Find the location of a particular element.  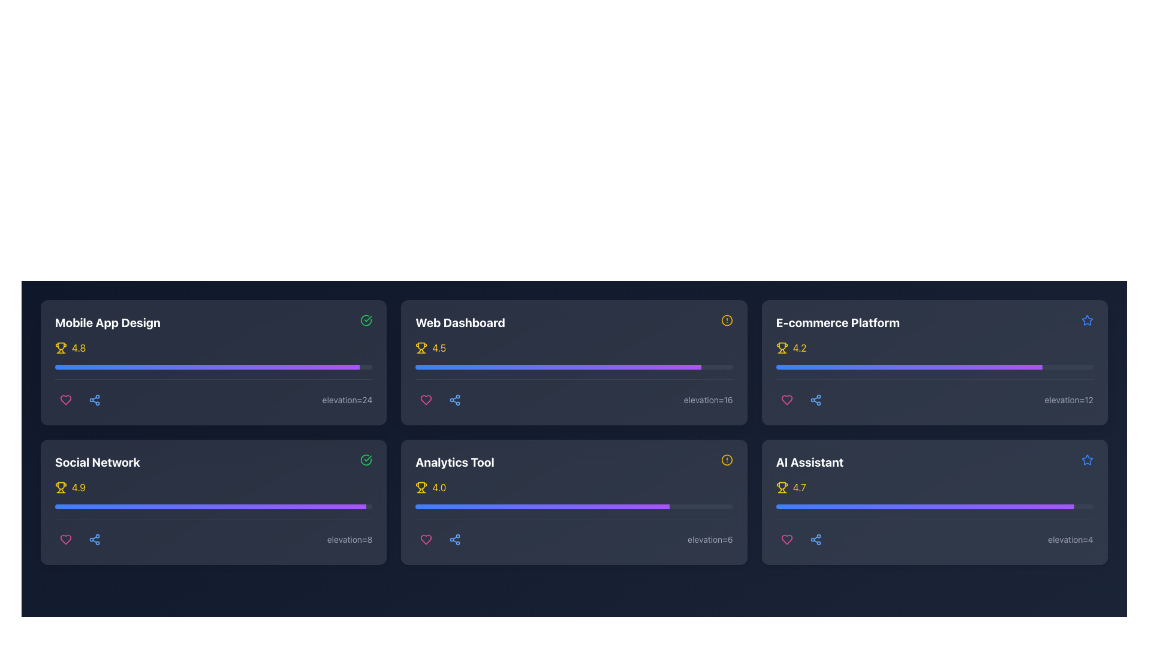

the progress status of the gradient progress bar located below the yellow trophy icon and above the elevation text within the 'Mobile App Design' card is located at coordinates (213, 375).